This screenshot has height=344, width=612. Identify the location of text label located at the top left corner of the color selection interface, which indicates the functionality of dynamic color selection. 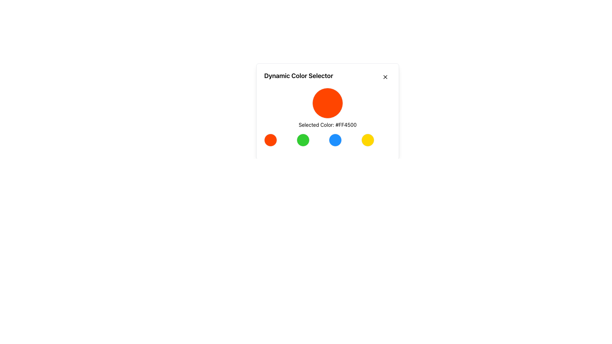
(298, 77).